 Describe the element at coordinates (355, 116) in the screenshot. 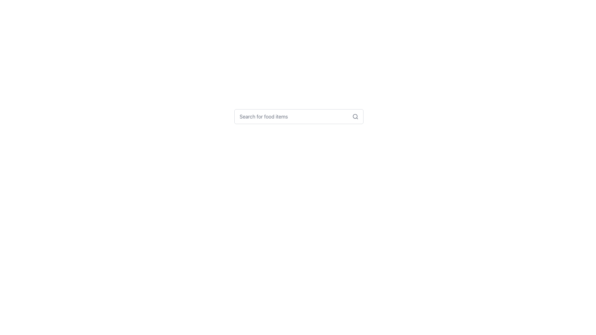

I see `the magnifying glass icon located in the right corner of the search bar input field` at that location.